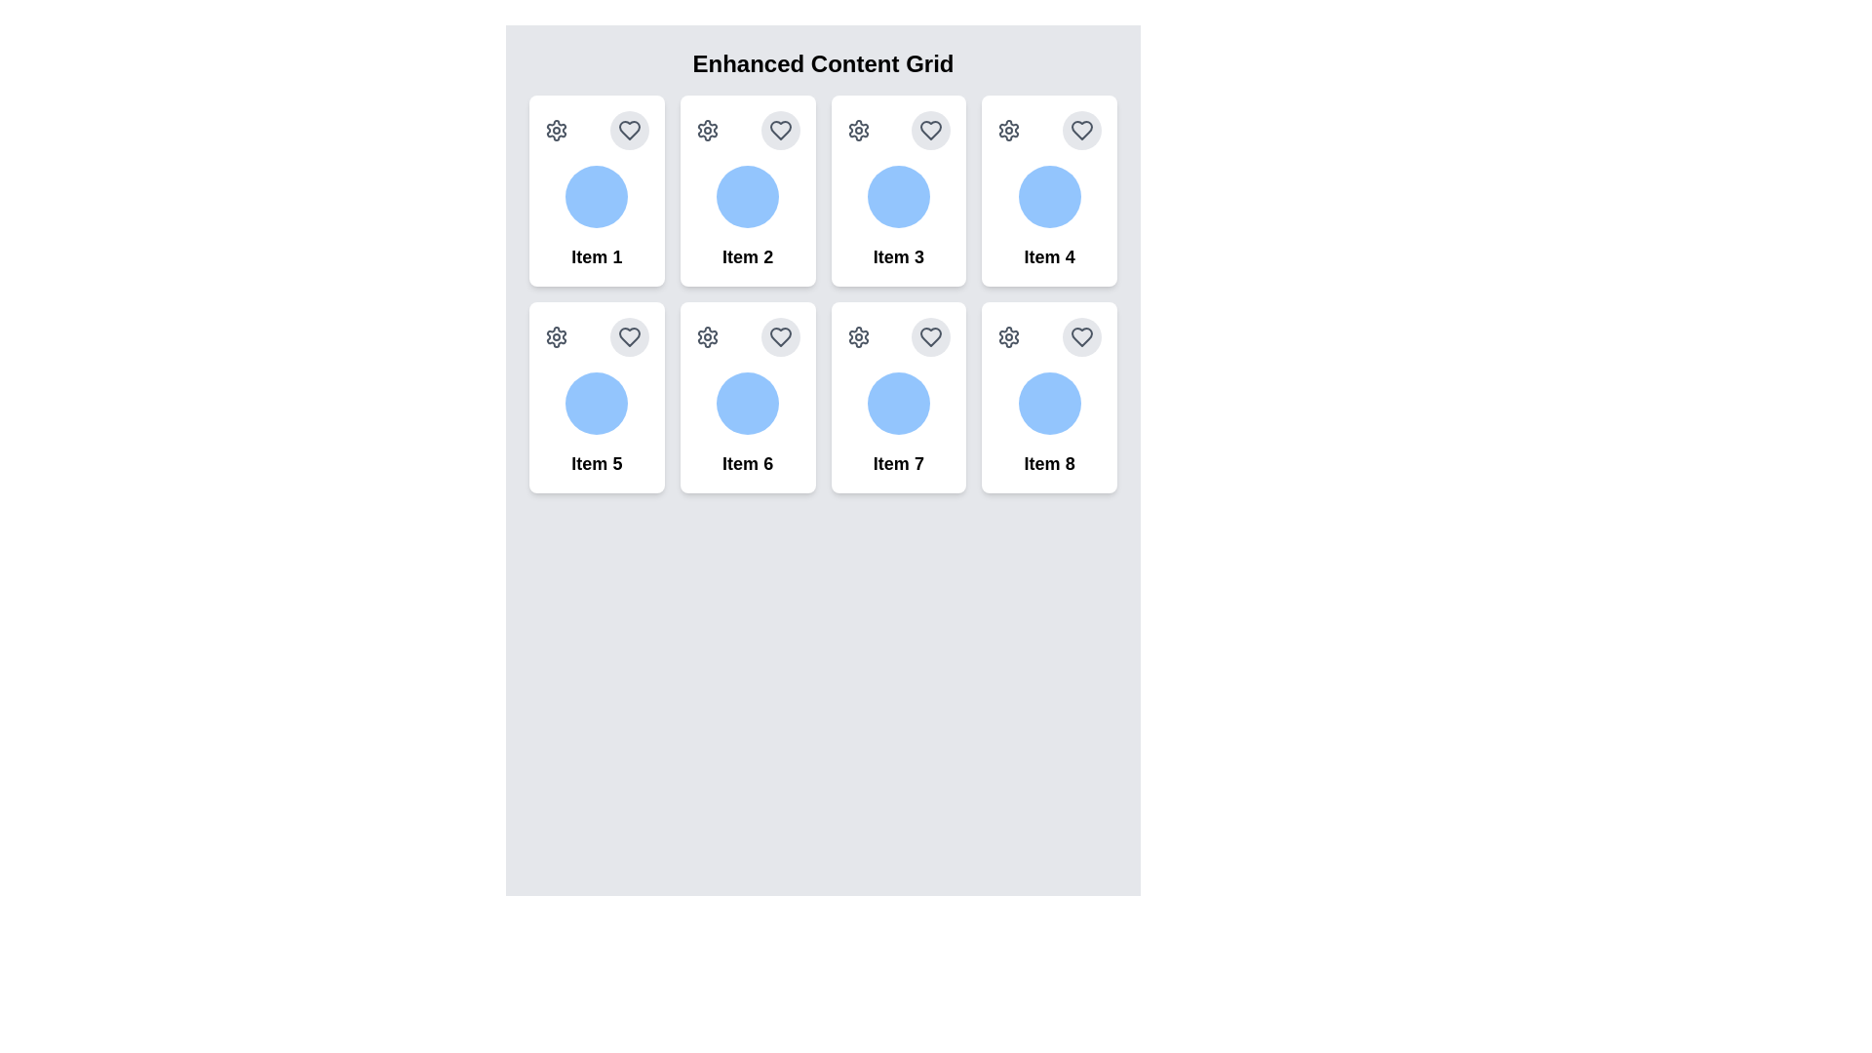  I want to click on the 'like' button located in the top-right corner of the card for 'Item 8', so click(1080, 336).